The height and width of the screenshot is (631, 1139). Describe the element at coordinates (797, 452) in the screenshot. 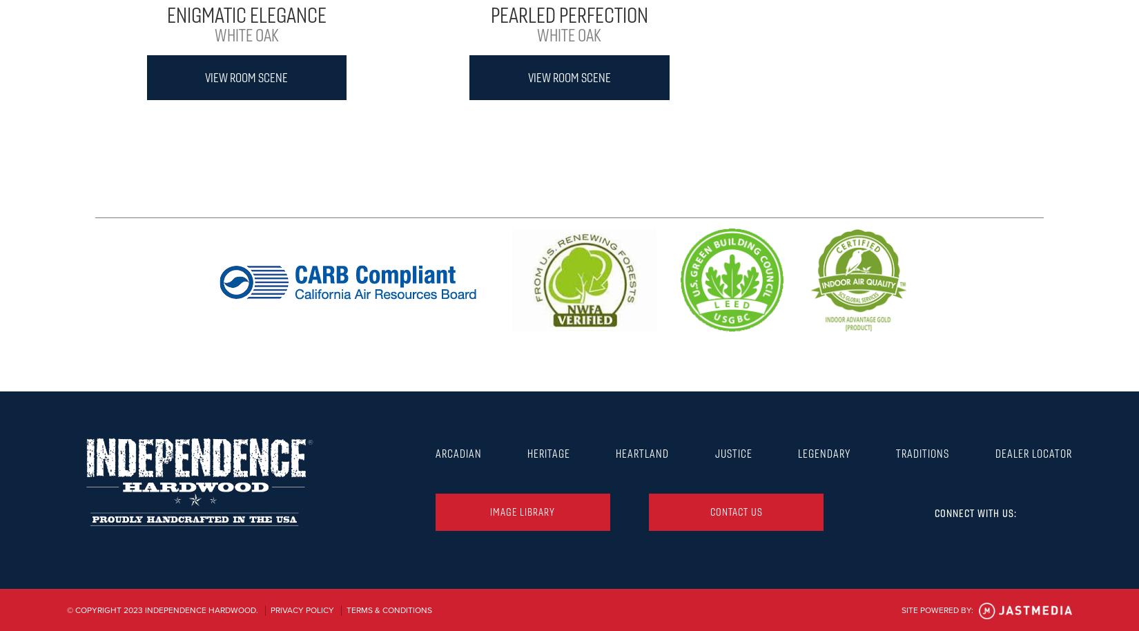

I see `'Legendary'` at that location.